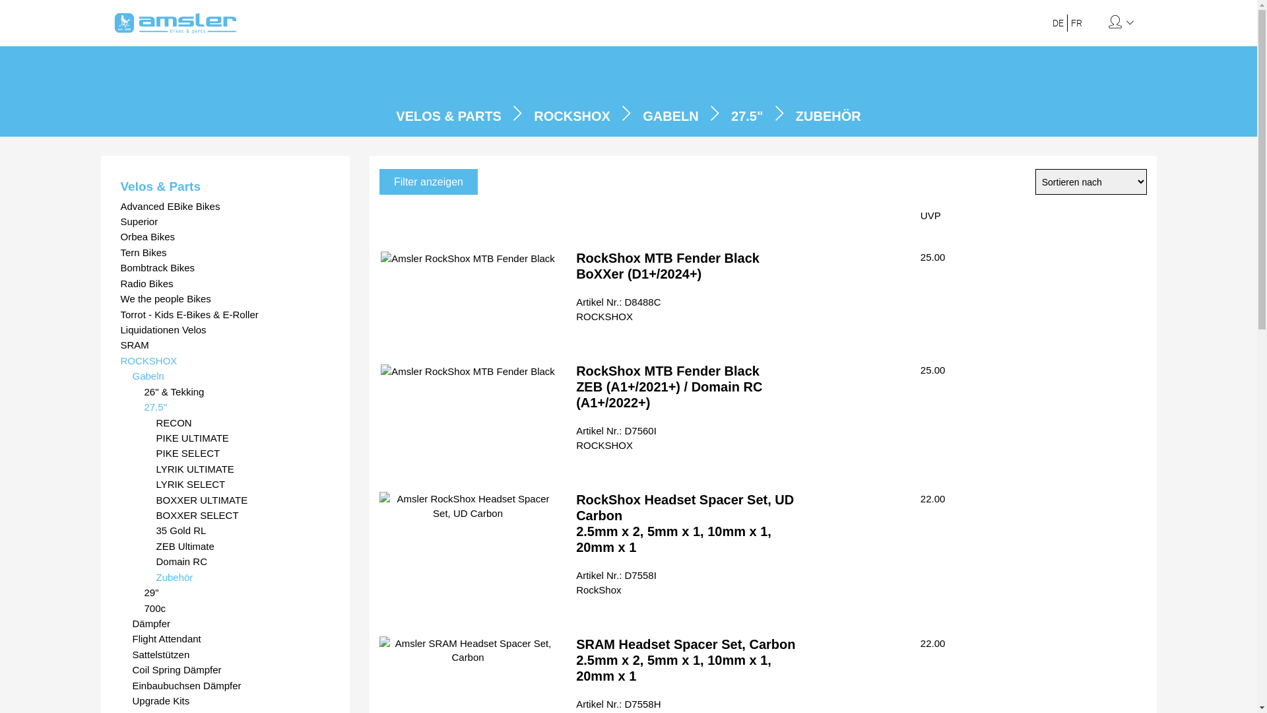  Describe the element at coordinates (576, 582) in the screenshot. I see `'Artikel Nr.: D7558I` at that location.